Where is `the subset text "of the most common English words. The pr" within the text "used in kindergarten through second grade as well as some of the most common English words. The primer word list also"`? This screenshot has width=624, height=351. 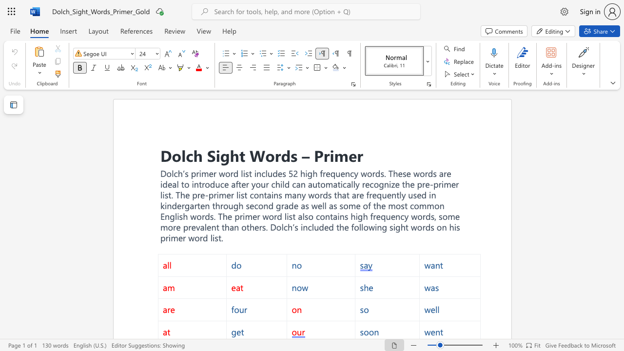 the subset text "of the most common English words. The pr" within the text "used in kindergarten through second grade as well as some of the most common English words. The primer word list also" is located at coordinates (362, 205).